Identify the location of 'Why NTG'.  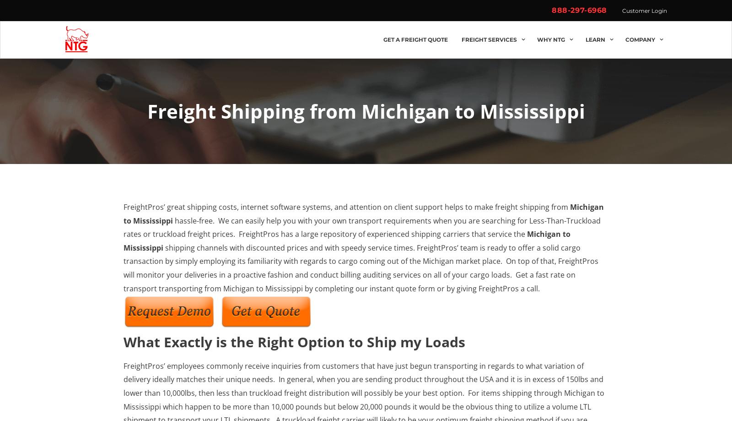
(550, 39).